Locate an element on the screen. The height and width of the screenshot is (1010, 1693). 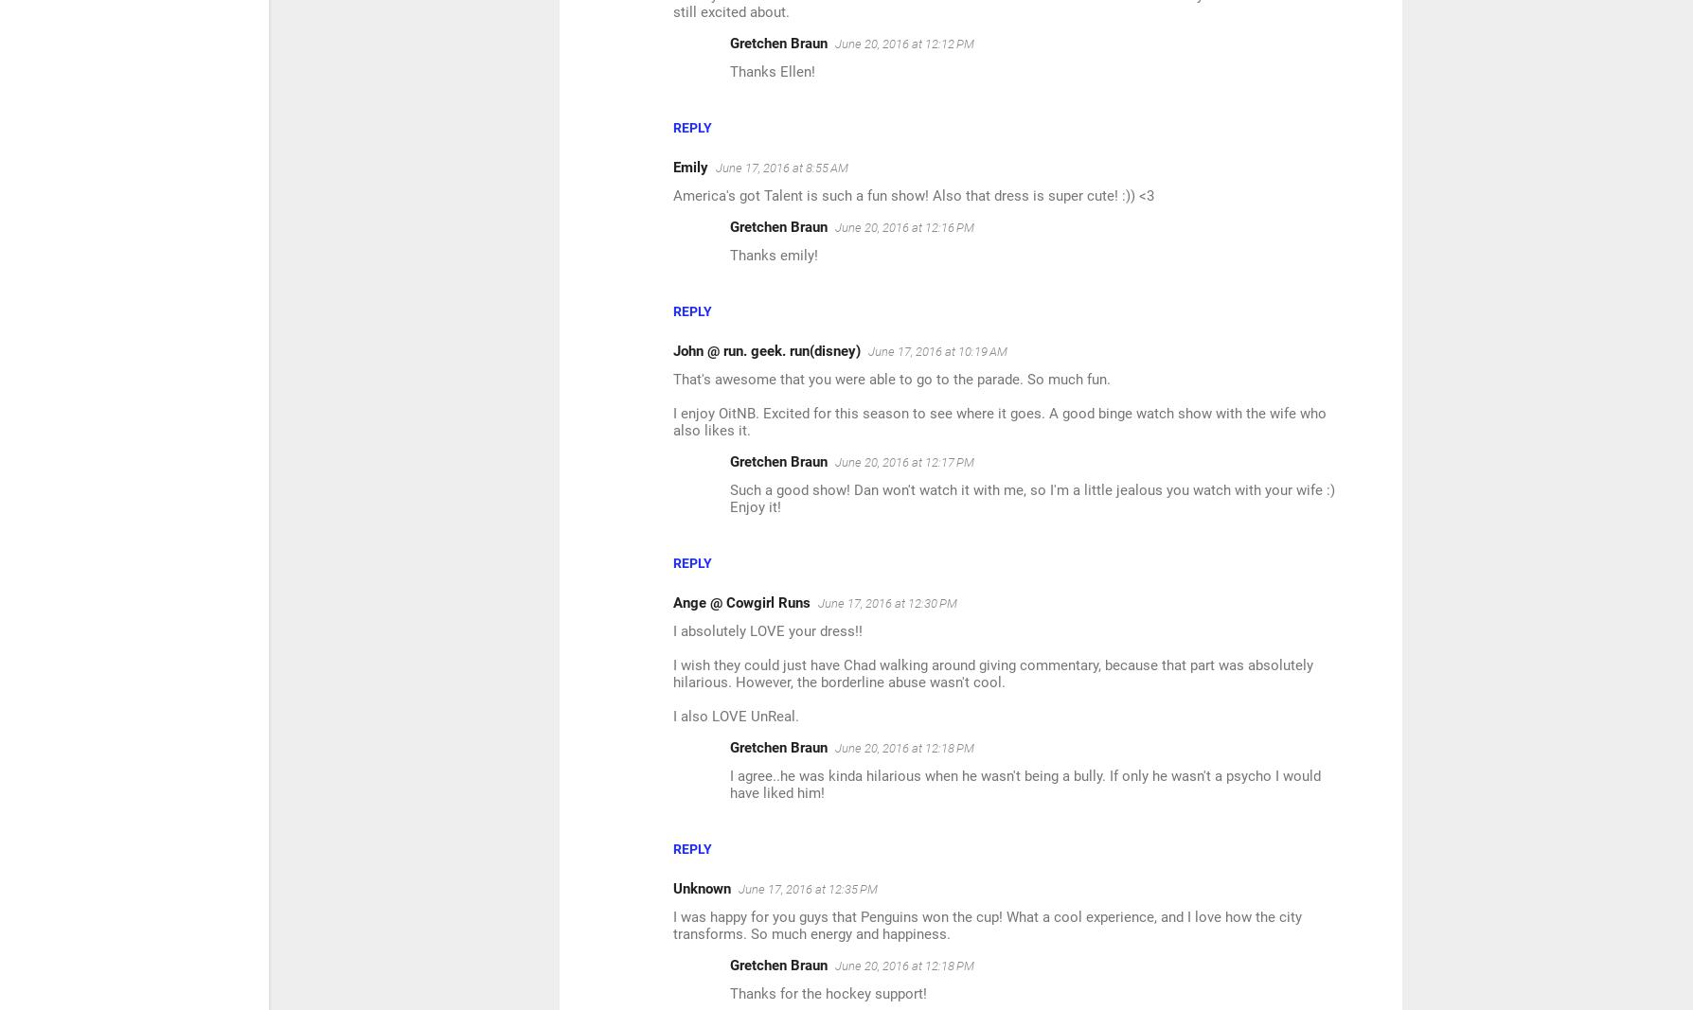
'Emily' is located at coordinates (689, 167).